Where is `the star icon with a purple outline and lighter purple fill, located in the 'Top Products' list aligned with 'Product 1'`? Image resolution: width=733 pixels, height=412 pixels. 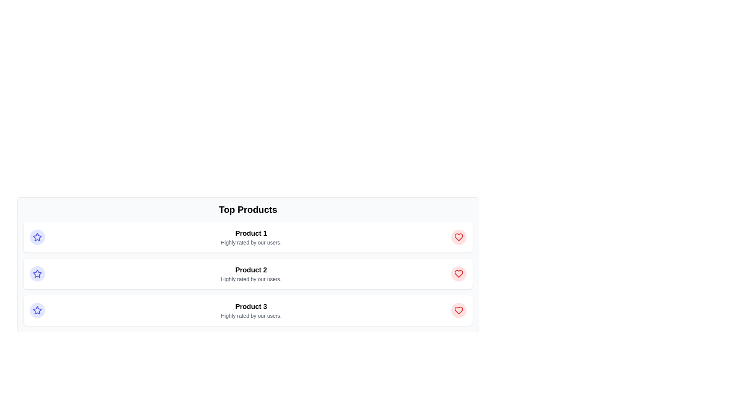
the star icon with a purple outline and lighter purple fill, located in the 'Top Products' list aligned with 'Product 1' is located at coordinates (37, 273).